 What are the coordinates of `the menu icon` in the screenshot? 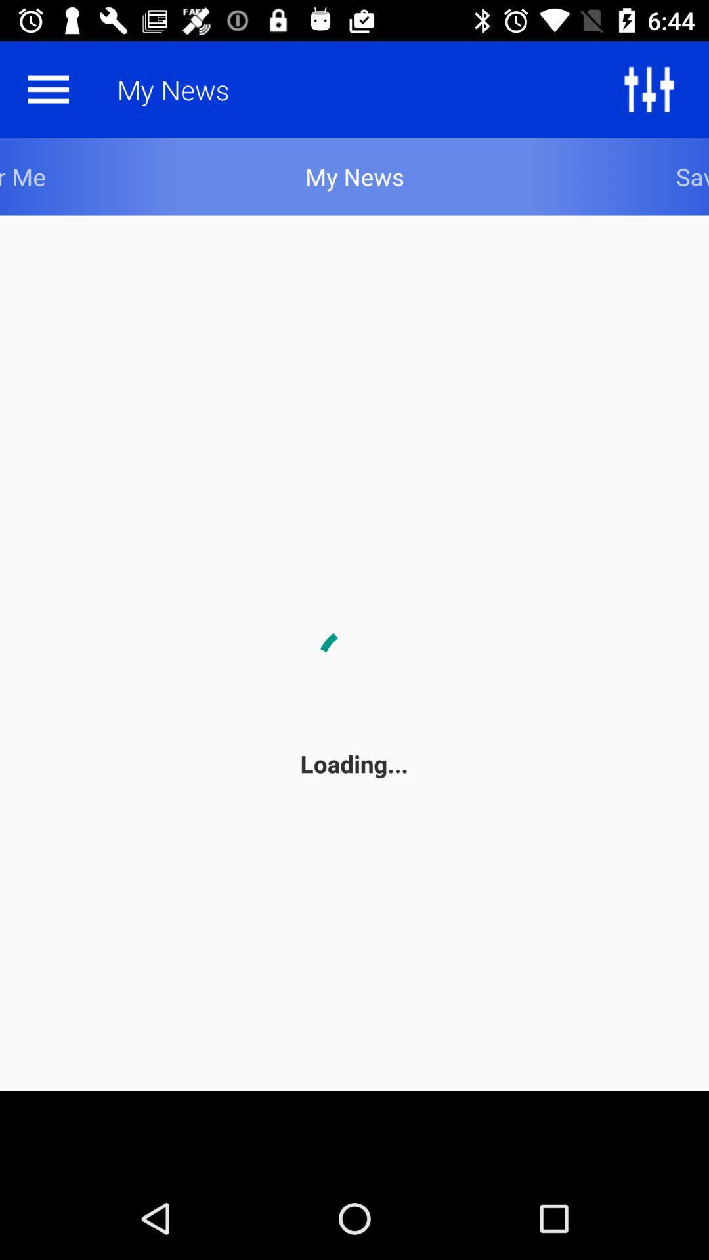 It's located at (47, 89).